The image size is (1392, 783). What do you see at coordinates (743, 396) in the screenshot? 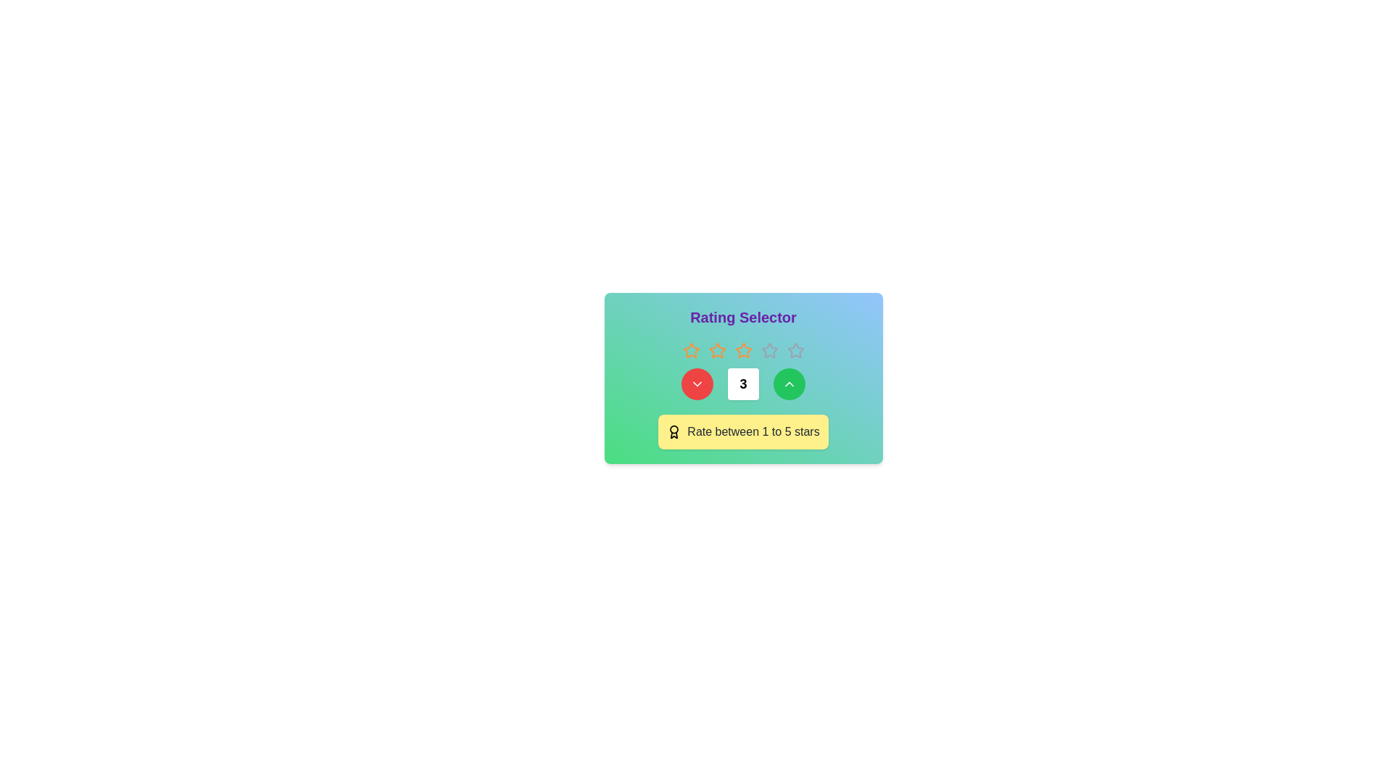
I see `displayed number from the Numeric display box which is a vertically elongated rectangle with a white background, located centrally below the row of star icons, between the decrement button (green) on the left and the increment button (red) on the right` at bounding box center [743, 396].